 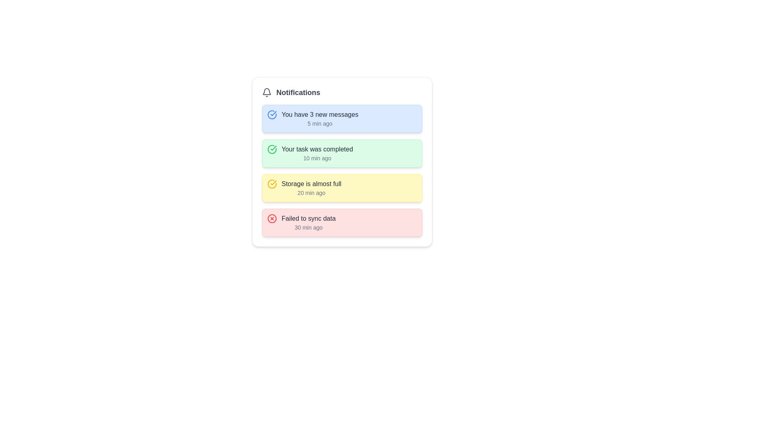 What do you see at coordinates (311, 193) in the screenshot?
I see `the text snippet displaying '20 min ago' located at the bottom-right corner of the notification tile labeled 'Storage is almost full'` at bounding box center [311, 193].